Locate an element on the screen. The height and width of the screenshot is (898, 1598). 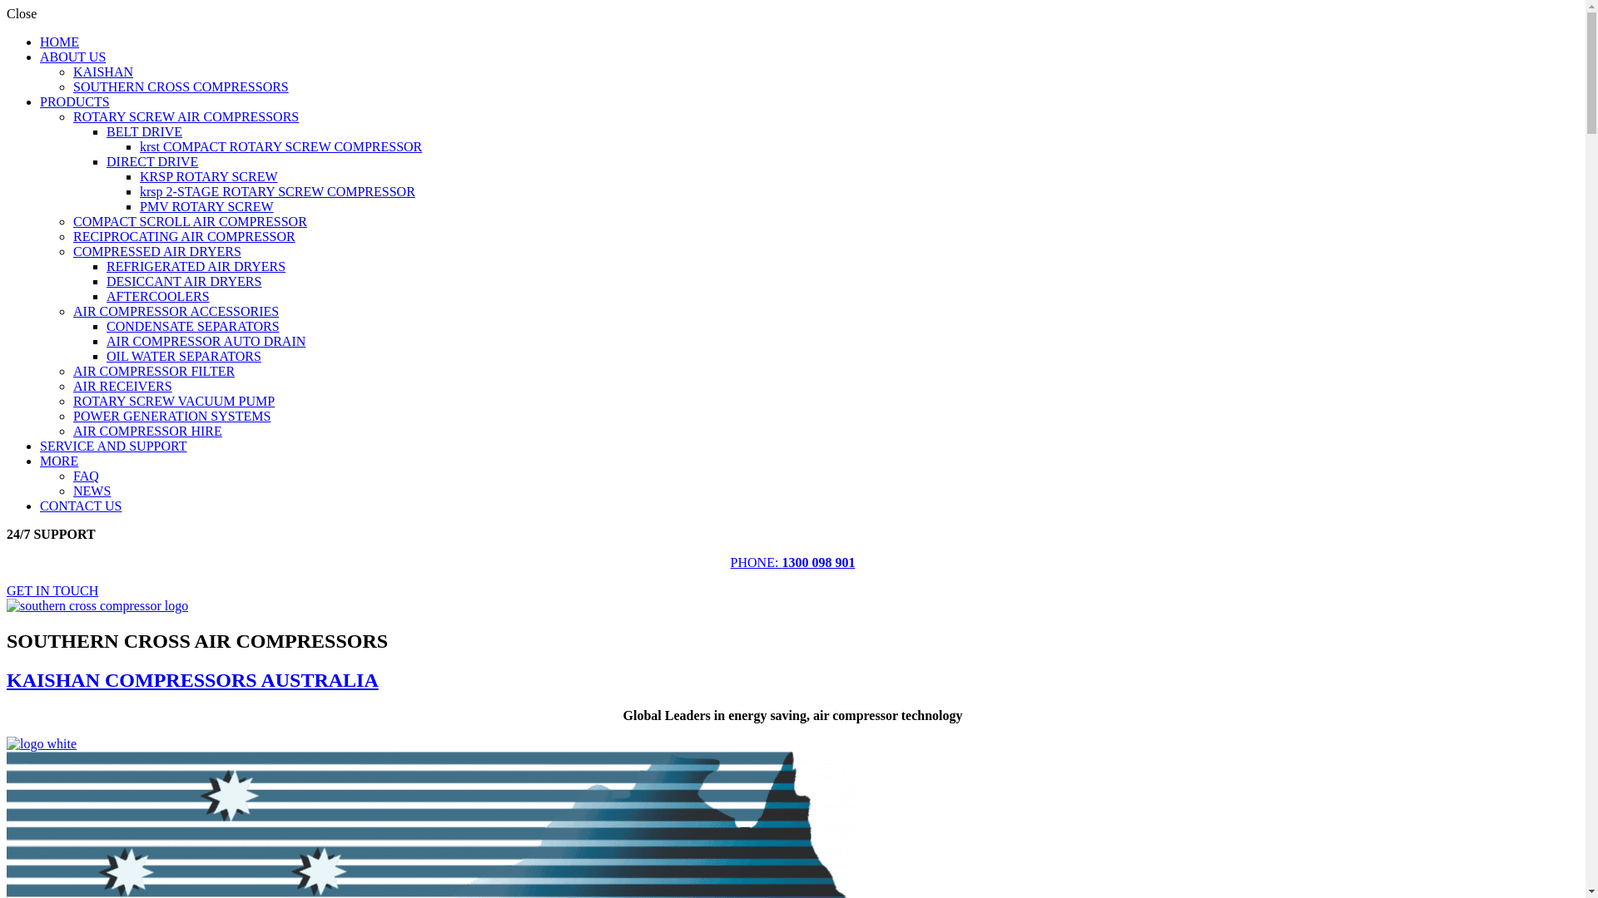
'KRSP ROTARY SCREW' is located at coordinates (207, 176).